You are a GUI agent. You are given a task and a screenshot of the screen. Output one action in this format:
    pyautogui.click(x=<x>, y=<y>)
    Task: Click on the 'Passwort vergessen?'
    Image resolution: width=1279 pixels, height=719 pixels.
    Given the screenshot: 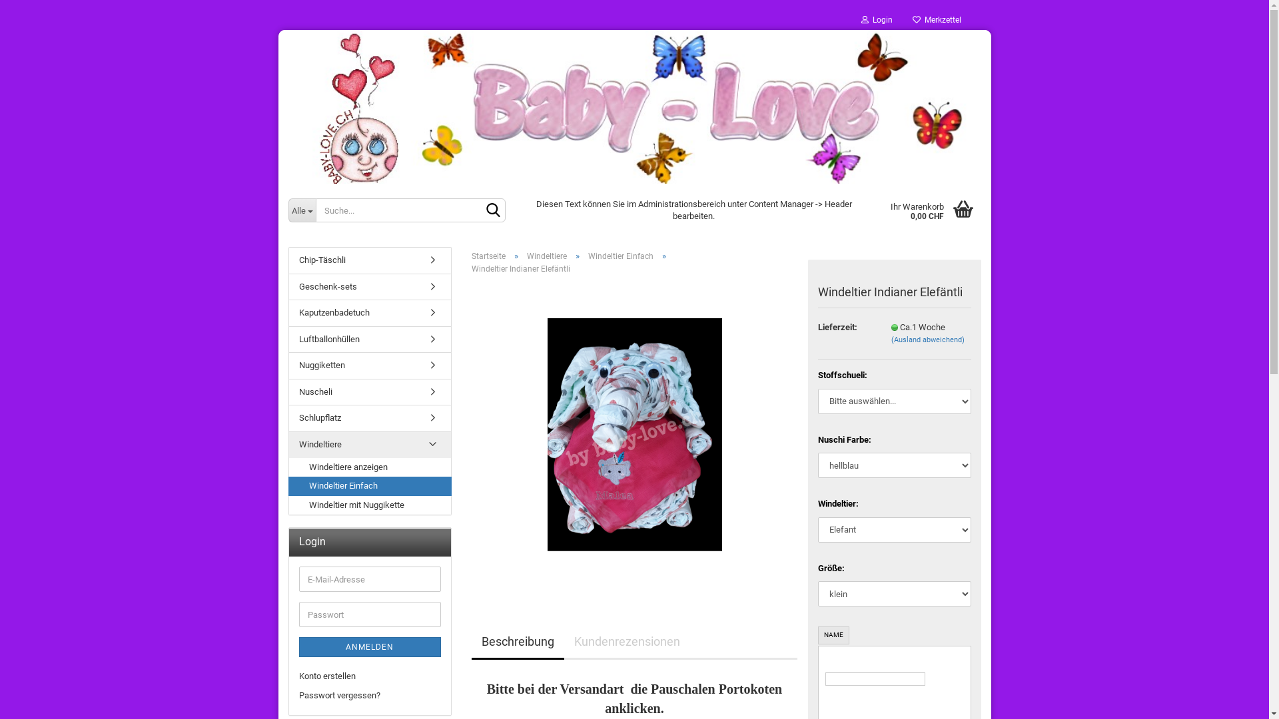 What is the action you would take?
    pyautogui.click(x=369, y=695)
    